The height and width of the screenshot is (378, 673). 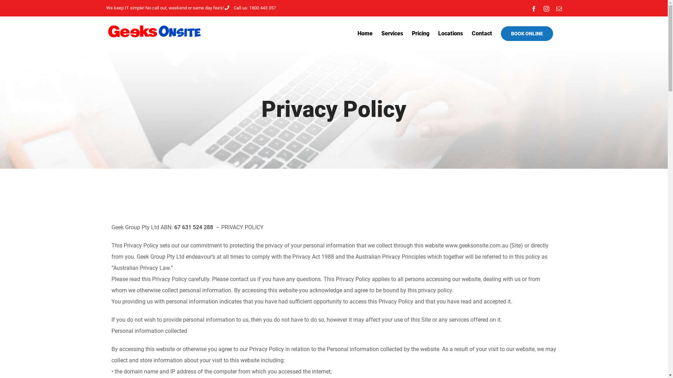 I want to click on 'Call us: 1800 443 357', so click(x=250, y=8).